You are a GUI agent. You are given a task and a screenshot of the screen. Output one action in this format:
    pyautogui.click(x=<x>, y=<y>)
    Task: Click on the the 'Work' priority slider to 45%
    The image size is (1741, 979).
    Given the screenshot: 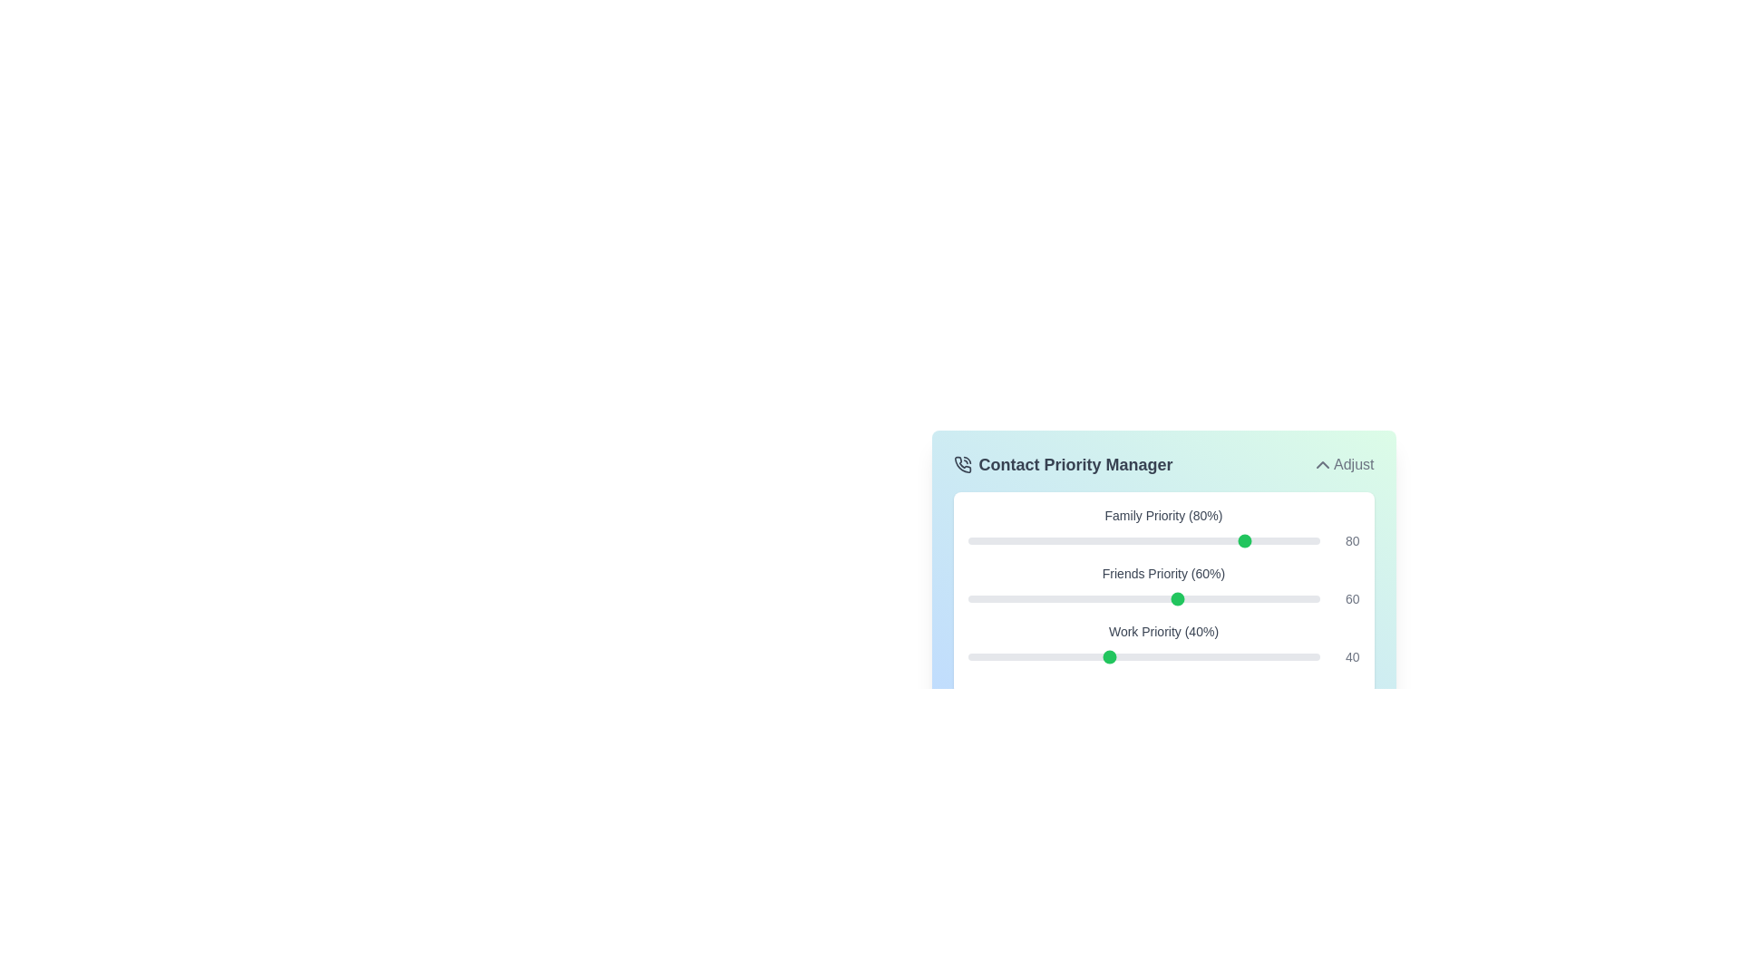 What is the action you would take?
    pyautogui.click(x=1125, y=657)
    